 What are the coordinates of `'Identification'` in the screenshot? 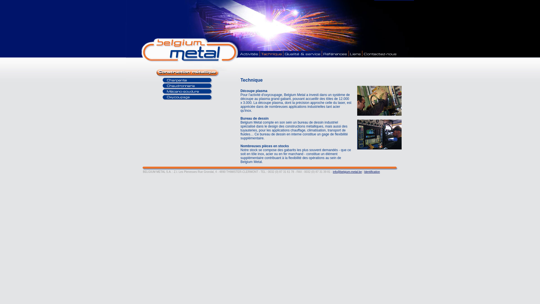 It's located at (364, 171).